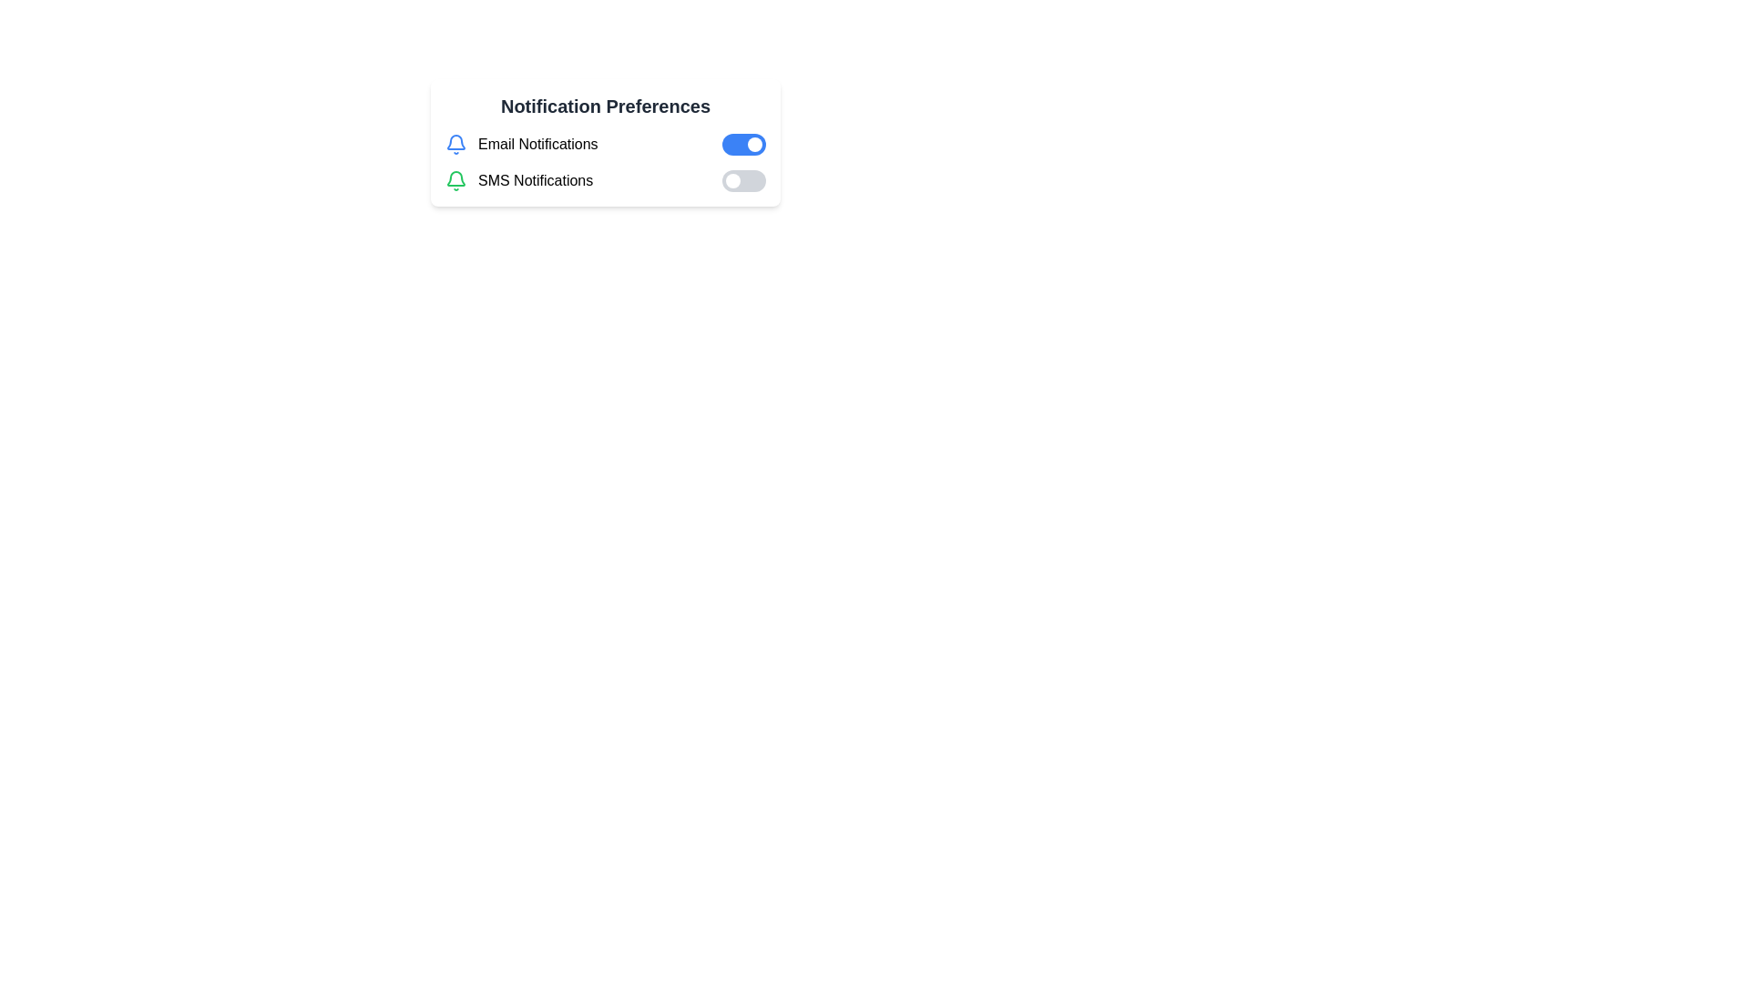 Image resolution: width=1749 pixels, height=983 pixels. Describe the element at coordinates (455, 141) in the screenshot. I see `the SMS Notifications icon located in the bottom row of the notification panel, which is adjacent to the text 'SMS Notifications' and to the left of the toggle switch` at that location.